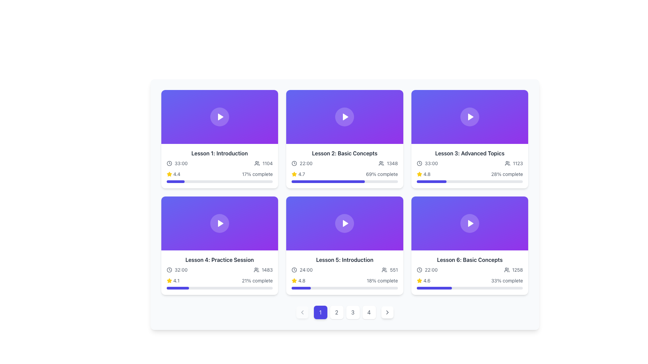  What do you see at coordinates (219, 176) in the screenshot?
I see `the star rating in the Progress indicator for Lesson 1` at bounding box center [219, 176].